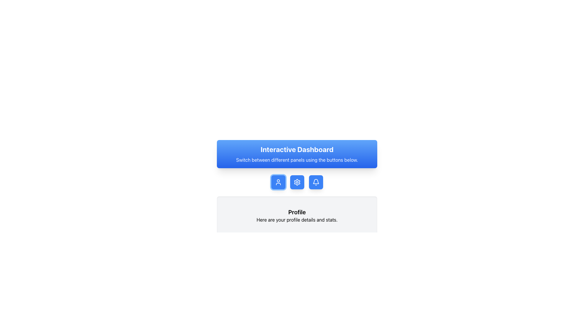 This screenshot has height=317, width=565. Describe the element at coordinates (297, 182) in the screenshot. I see `the middle blue square button with a white gear icon located below 'Interactive Dashboard' and above 'Profile'` at that location.